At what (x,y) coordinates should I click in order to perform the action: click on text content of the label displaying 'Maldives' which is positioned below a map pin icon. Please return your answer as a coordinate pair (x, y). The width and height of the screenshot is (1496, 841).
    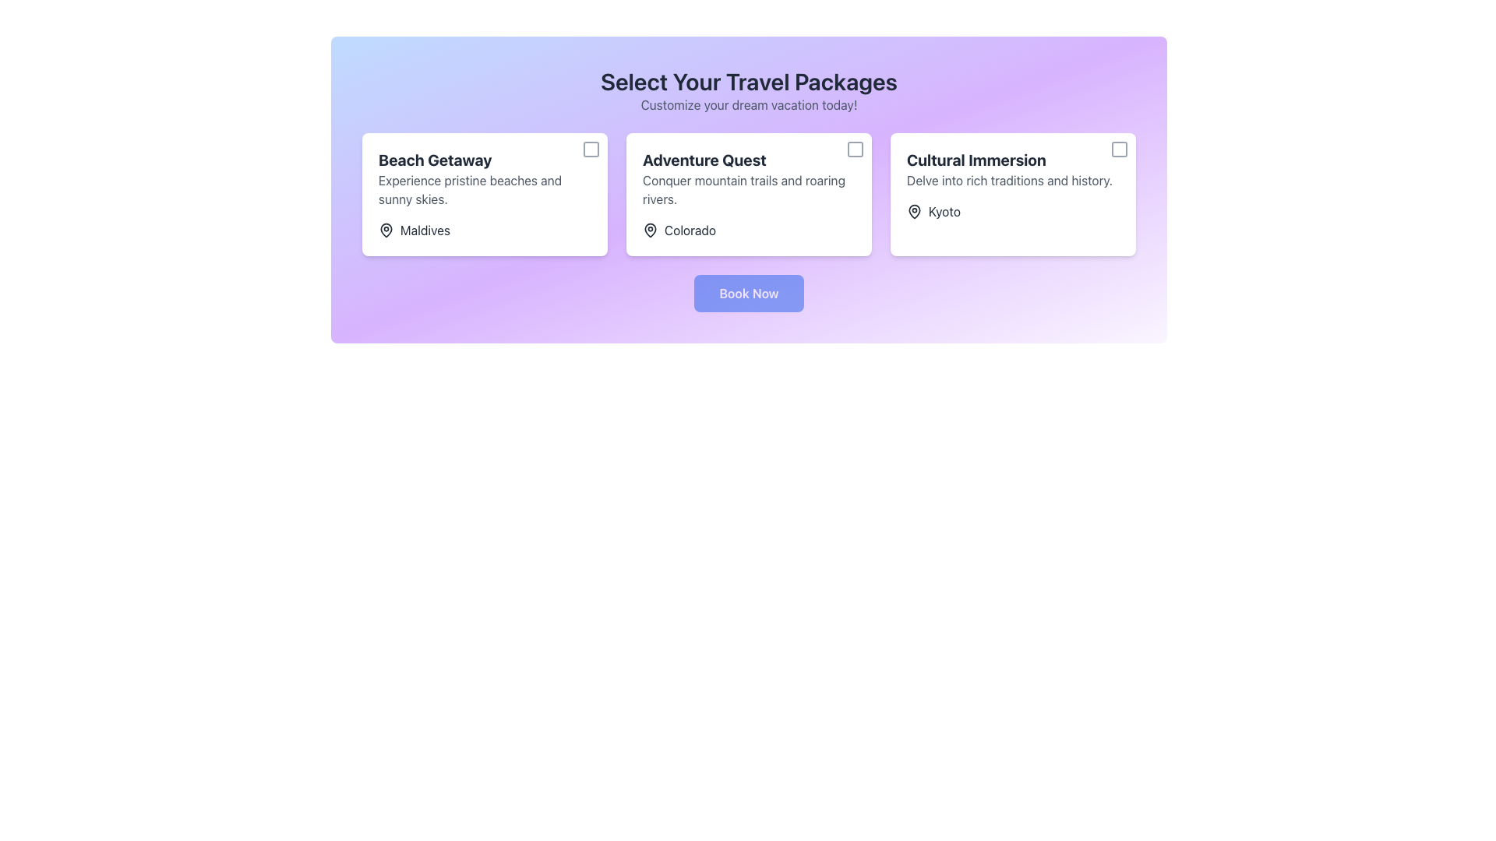
    Looking at the image, I should click on (425, 230).